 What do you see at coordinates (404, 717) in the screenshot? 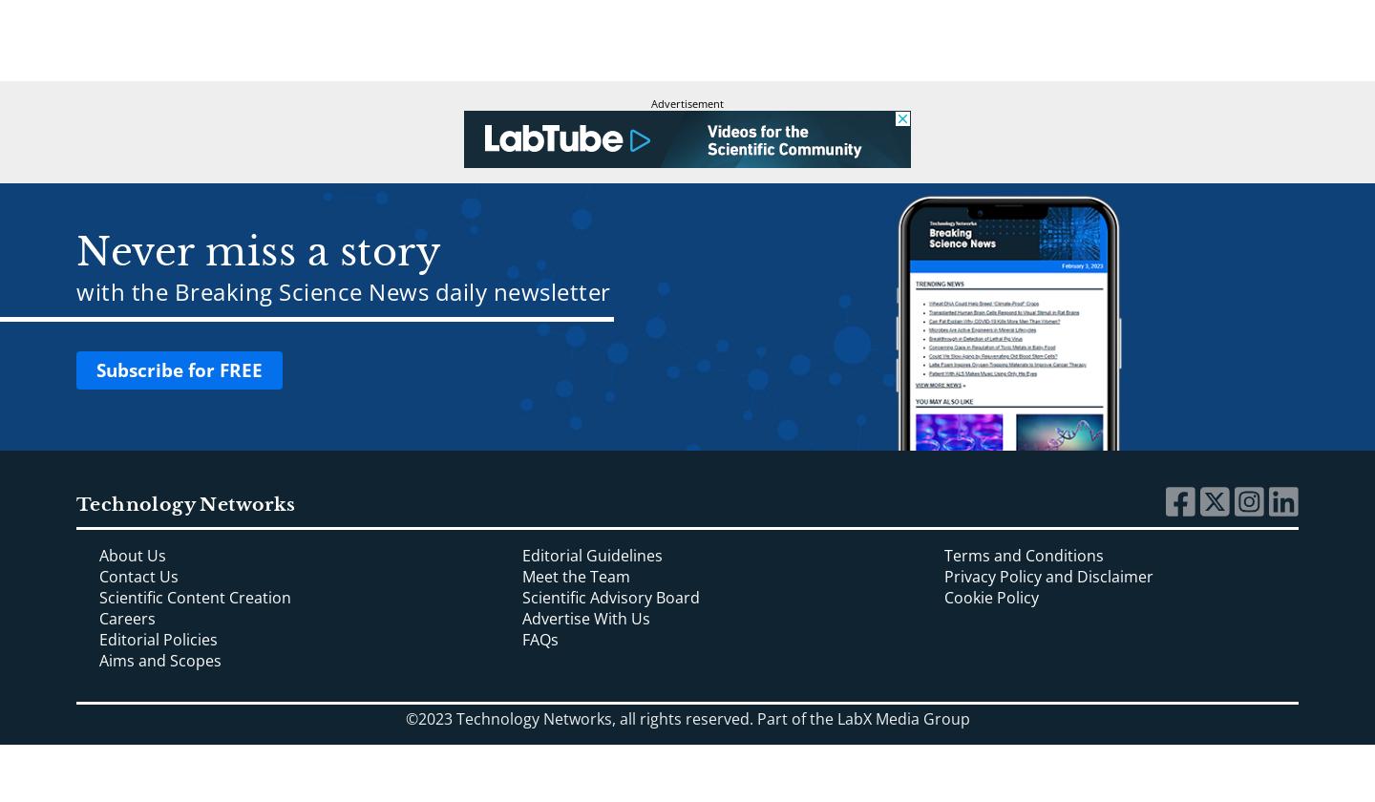
I see `'©2023 Technology Networks, all rights reserved. Part of the LabX Media Group'` at bounding box center [404, 717].